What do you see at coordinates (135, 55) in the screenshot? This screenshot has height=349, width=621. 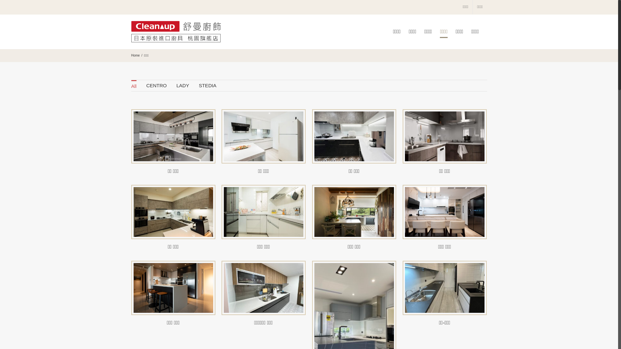 I see `'Home'` at bounding box center [135, 55].